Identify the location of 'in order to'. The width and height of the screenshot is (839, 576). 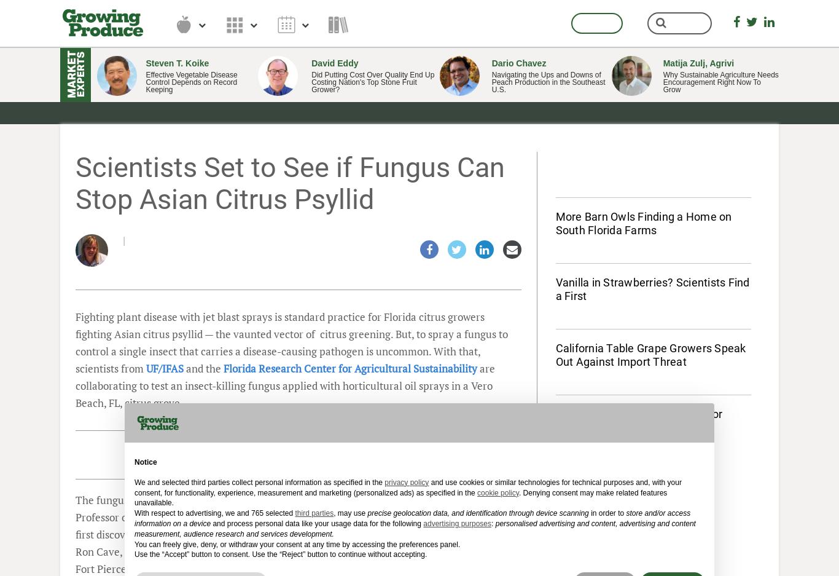
(607, 513).